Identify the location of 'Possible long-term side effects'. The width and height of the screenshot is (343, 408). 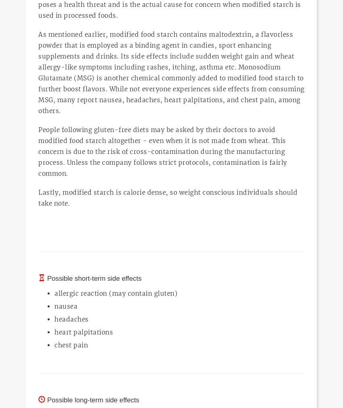
(93, 400).